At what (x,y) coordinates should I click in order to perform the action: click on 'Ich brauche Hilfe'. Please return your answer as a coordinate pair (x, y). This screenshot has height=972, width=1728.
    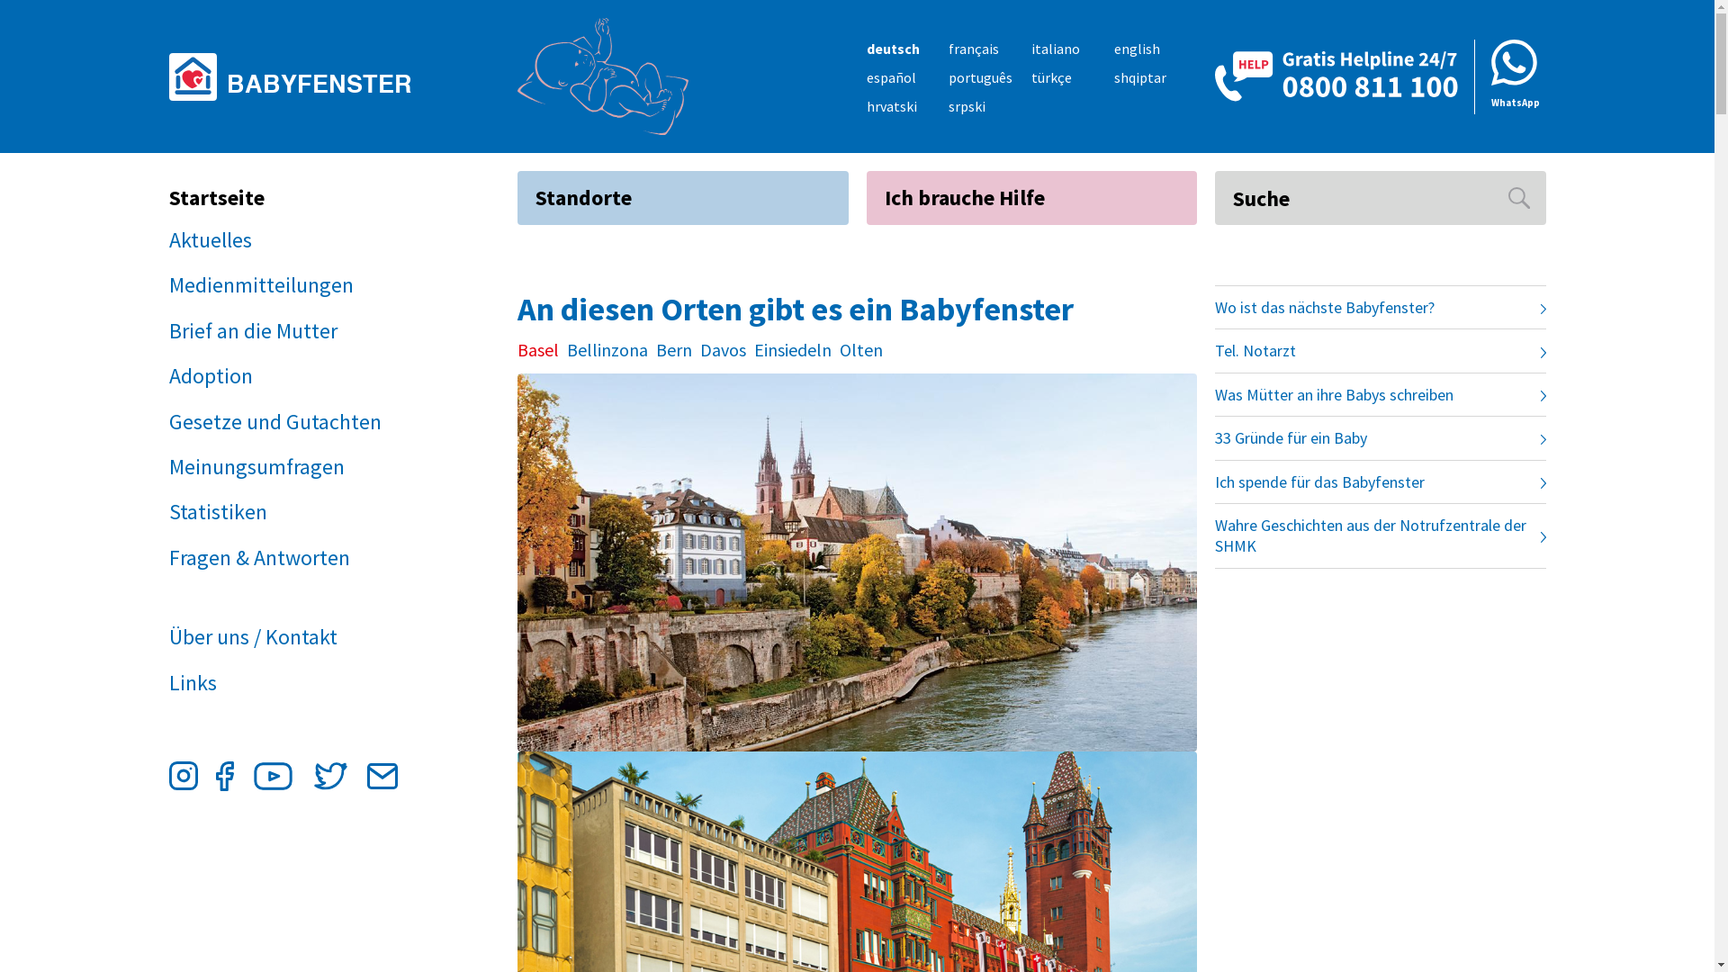
    Looking at the image, I should click on (1031, 197).